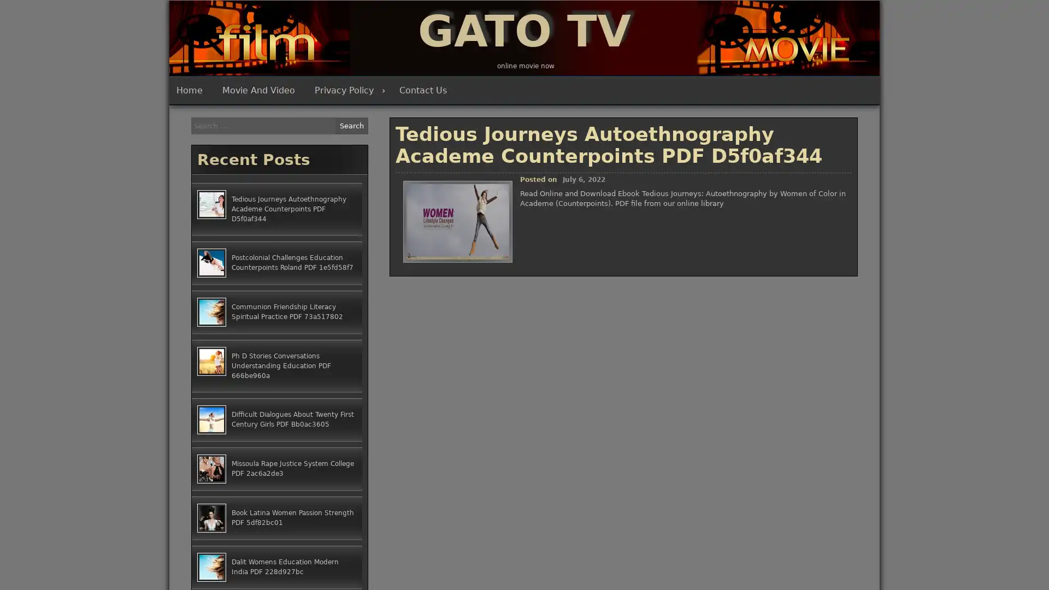  What do you see at coordinates (351, 125) in the screenshot?
I see `Search` at bounding box center [351, 125].